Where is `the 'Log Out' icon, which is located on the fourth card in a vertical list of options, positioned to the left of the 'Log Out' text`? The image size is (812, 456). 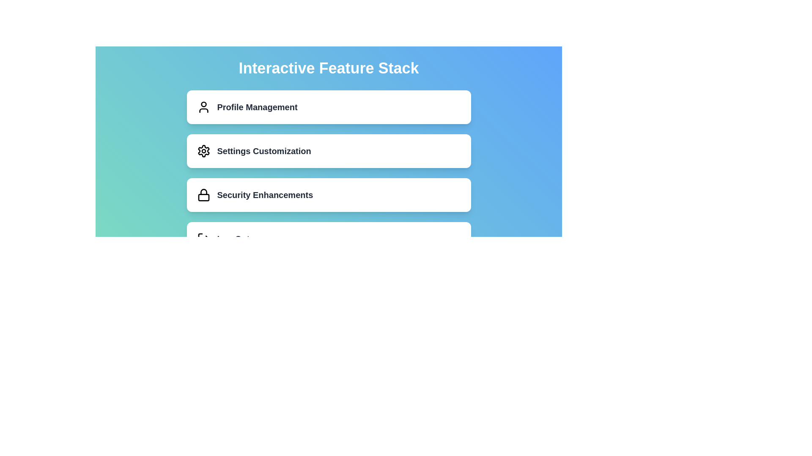 the 'Log Out' icon, which is located on the fourth card in a vertical list of options, positioned to the left of the 'Log Out' text is located at coordinates (203, 239).